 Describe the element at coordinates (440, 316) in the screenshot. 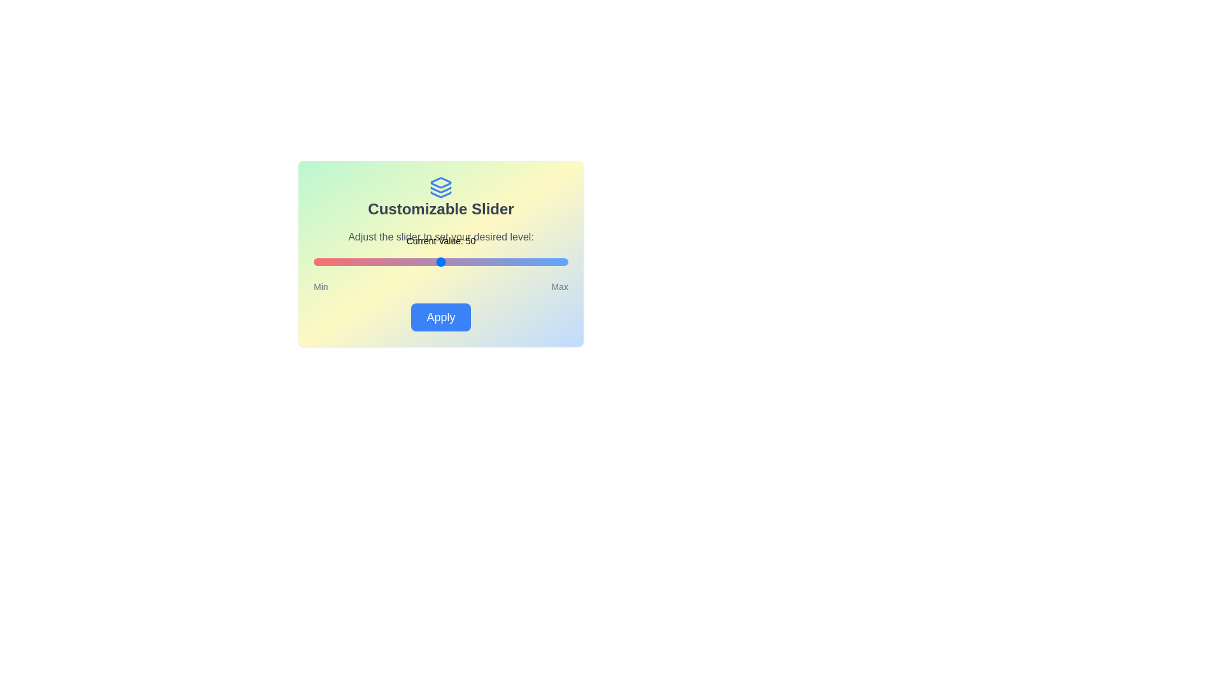

I see `the 'Apply' button to confirm the selected value` at that location.